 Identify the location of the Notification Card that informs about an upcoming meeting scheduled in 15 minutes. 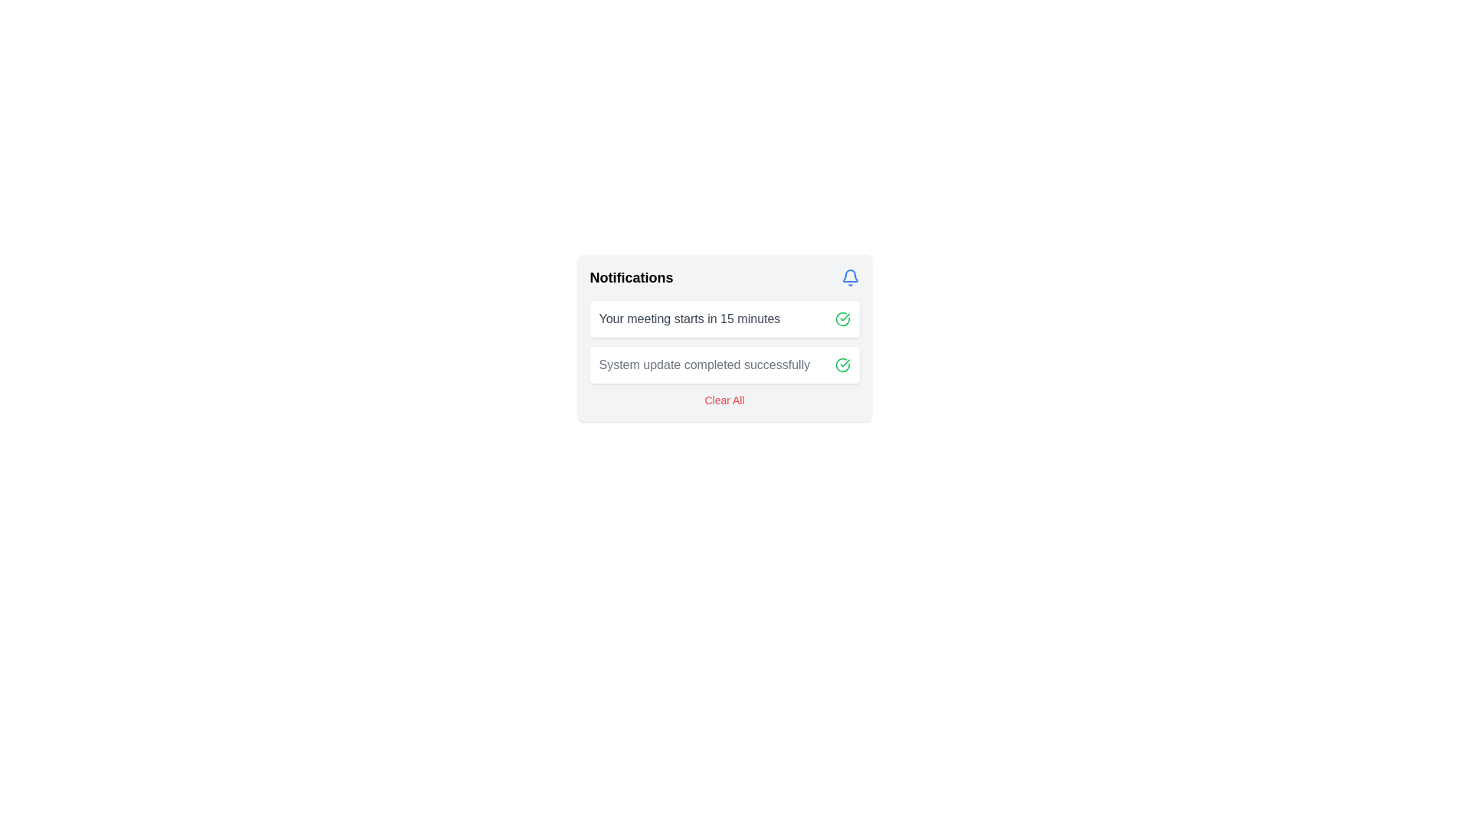
(724, 318).